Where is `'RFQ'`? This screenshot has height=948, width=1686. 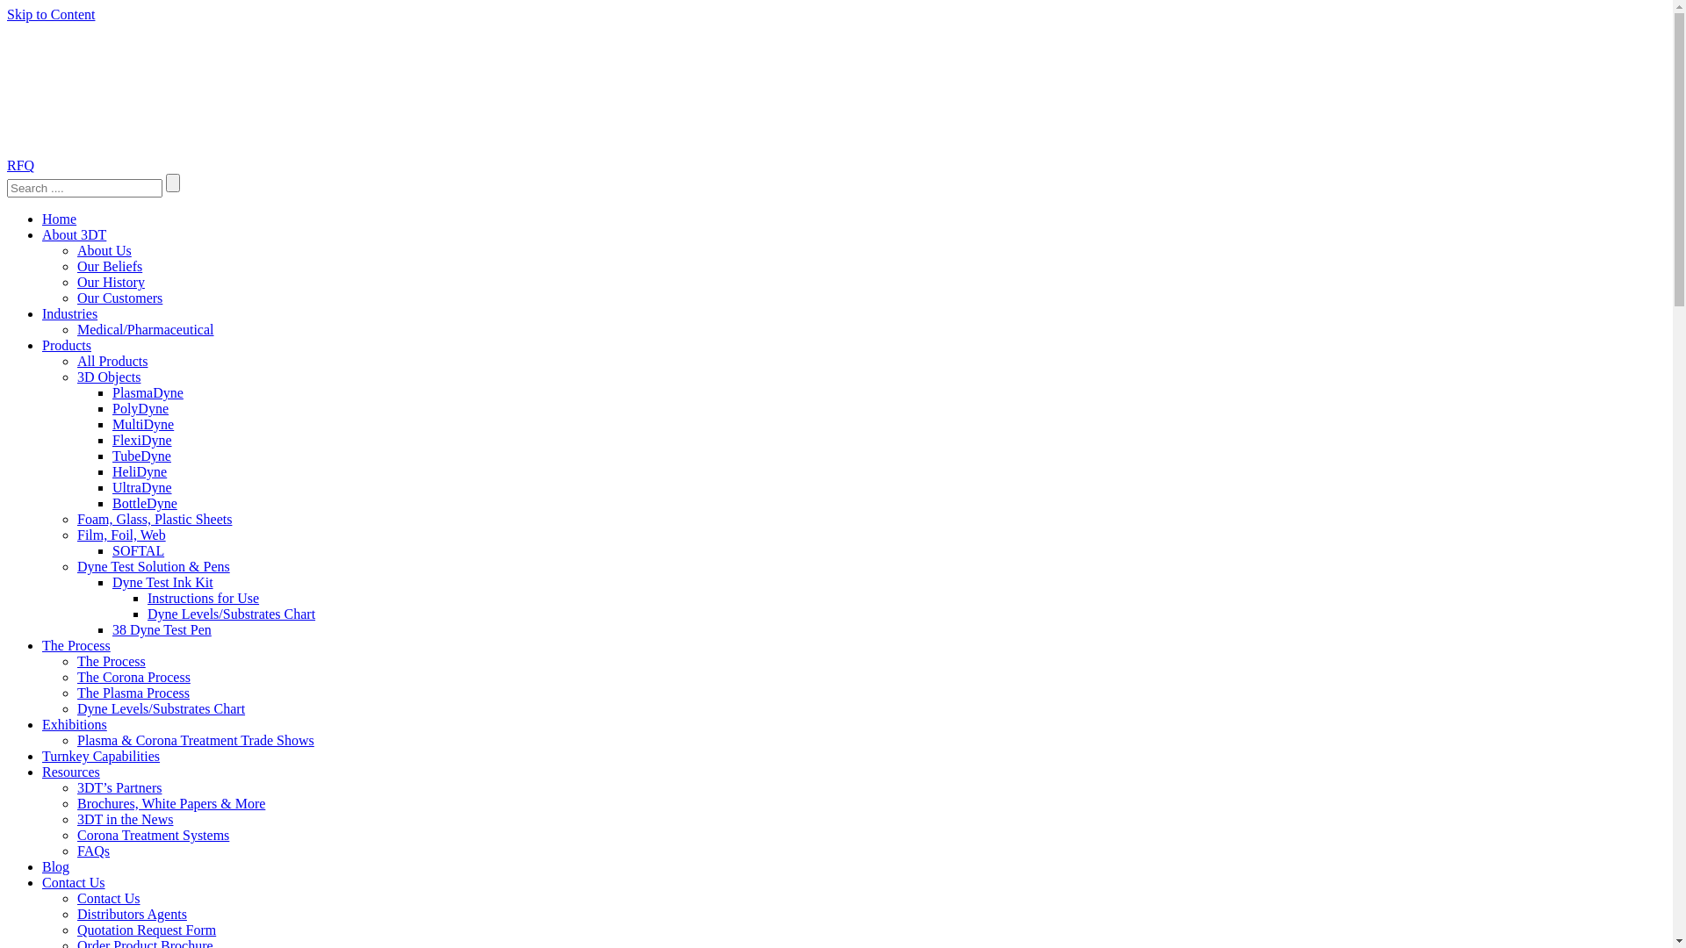
'RFQ' is located at coordinates (7, 165).